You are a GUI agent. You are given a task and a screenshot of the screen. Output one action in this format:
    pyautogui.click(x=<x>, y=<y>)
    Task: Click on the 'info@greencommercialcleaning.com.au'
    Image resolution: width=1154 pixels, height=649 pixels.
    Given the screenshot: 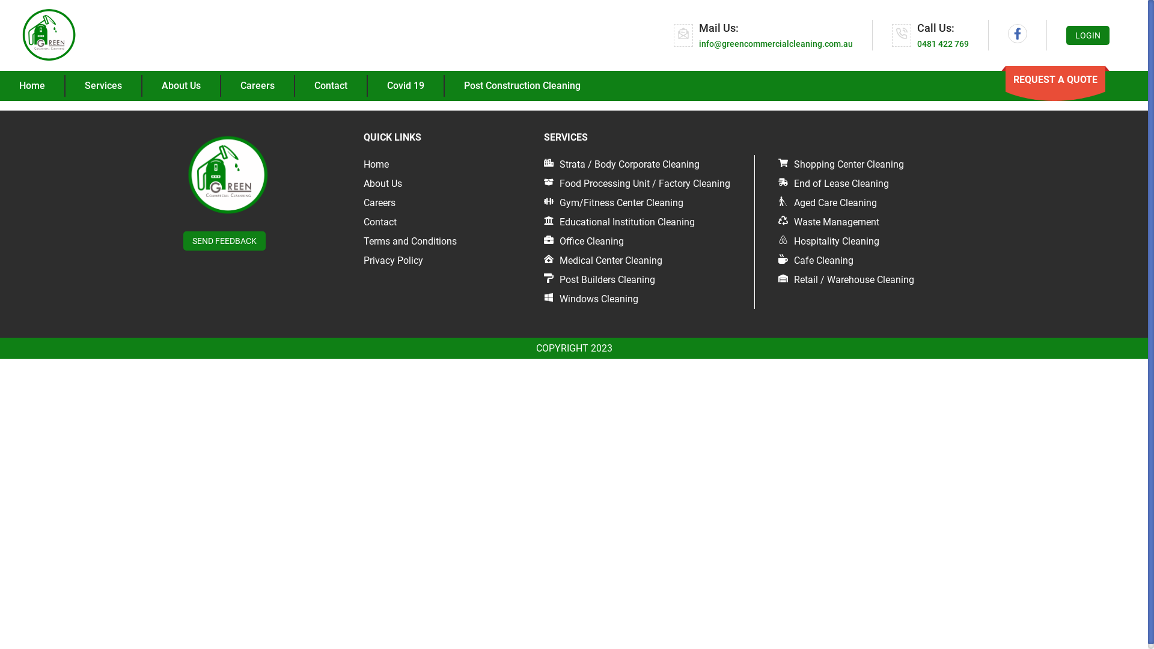 What is the action you would take?
    pyautogui.click(x=776, y=43)
    